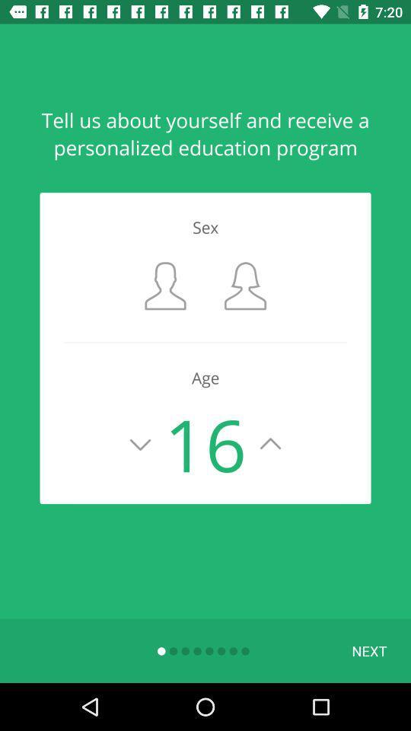 This screenshot has width=411, height=731. What do you see at coordinates (368, 650) in the screenshot?
I see `the item below age icon` at bounding box center [368, 650].